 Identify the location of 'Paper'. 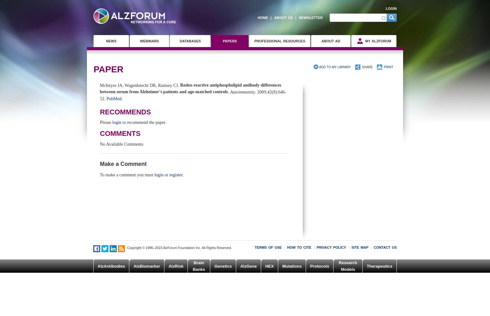
(108, 69).